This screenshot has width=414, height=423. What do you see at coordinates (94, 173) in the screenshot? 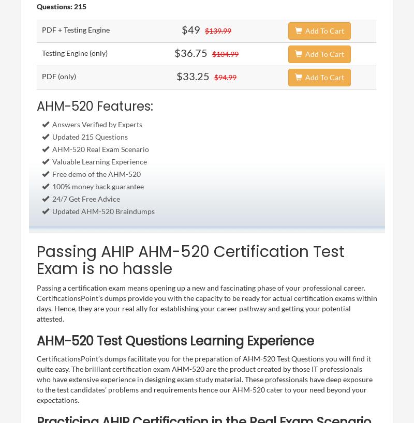
I see `'Free demo of the AHM-520'` at bounding box center [94, 173].